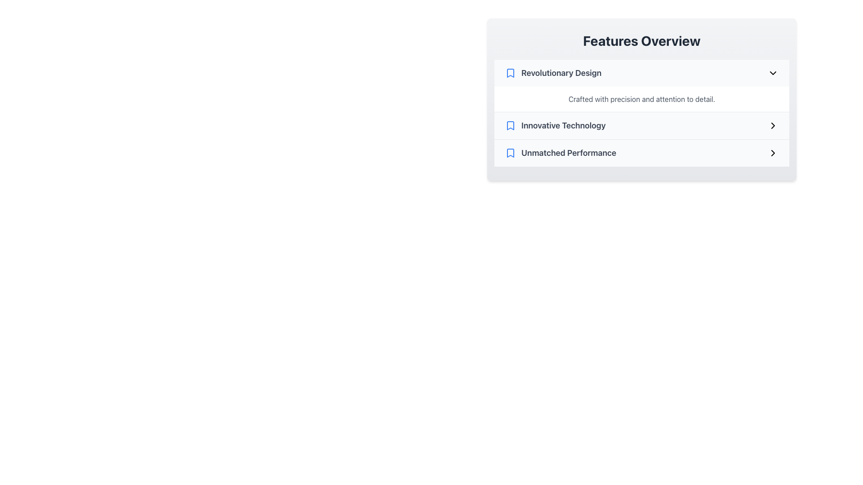 The image size is (863, 485). Describe the element at coordinates (511, 72) in the screenshot. I see `the blue bookmark-shaped icon located to the left of the text 'Revolutionary Design' in the Features Overview section, which is the first icon in the list` at that location.